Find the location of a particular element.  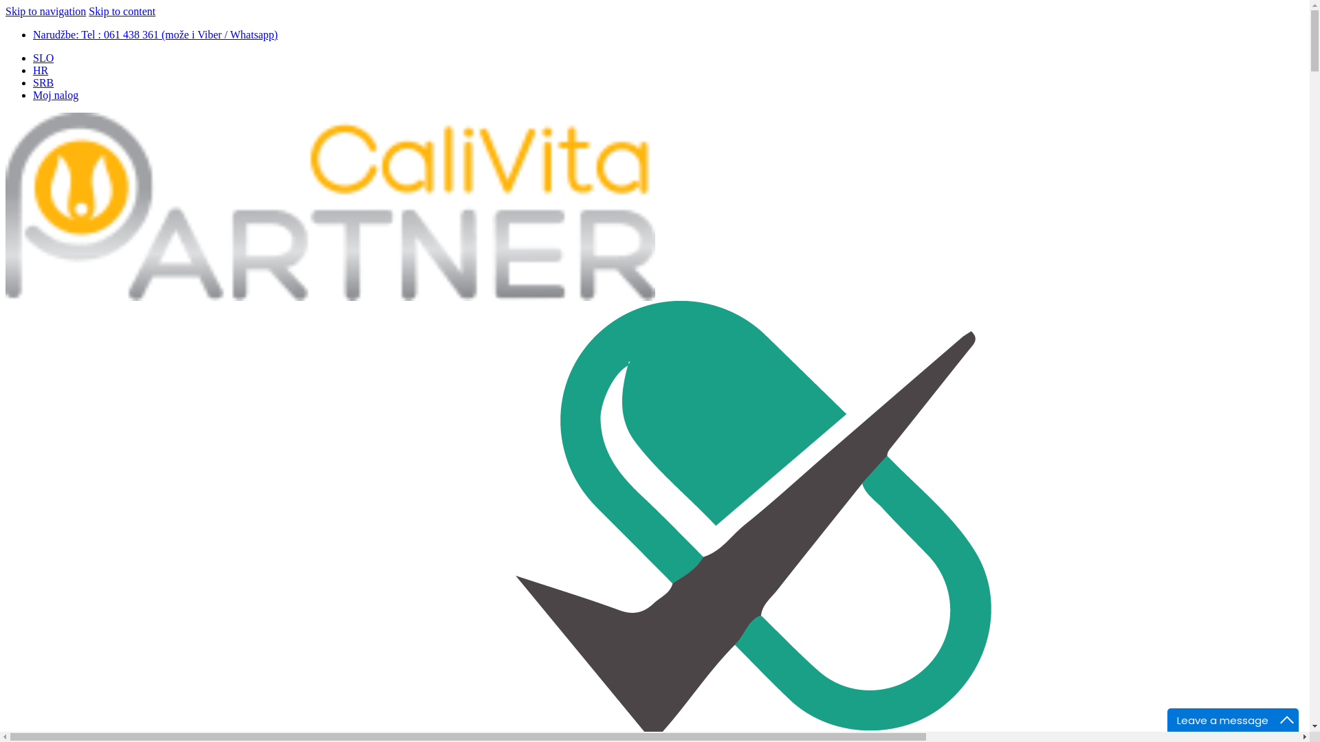

'HR' is located at coordinates (40, 70).